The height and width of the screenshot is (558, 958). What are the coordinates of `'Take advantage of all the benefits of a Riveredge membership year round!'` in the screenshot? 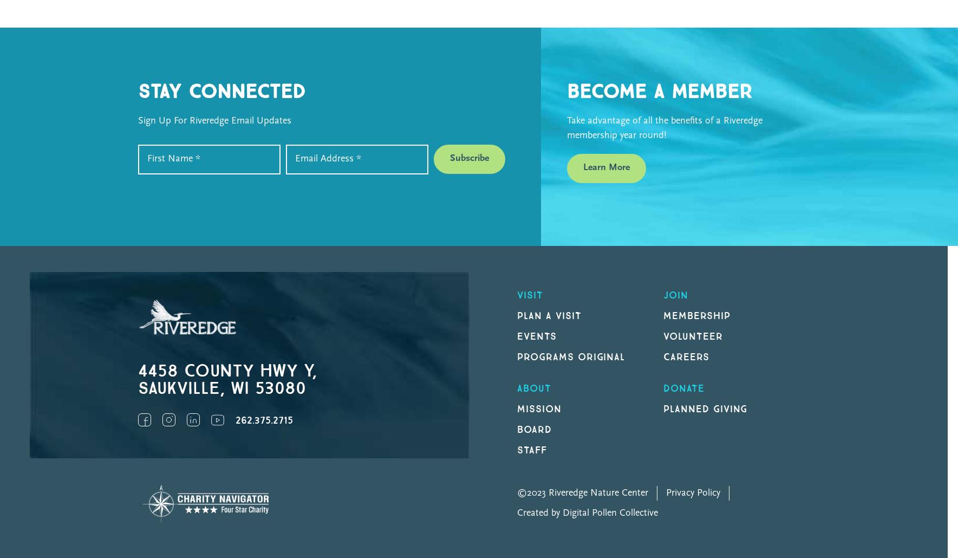 It's located at (664, 128).